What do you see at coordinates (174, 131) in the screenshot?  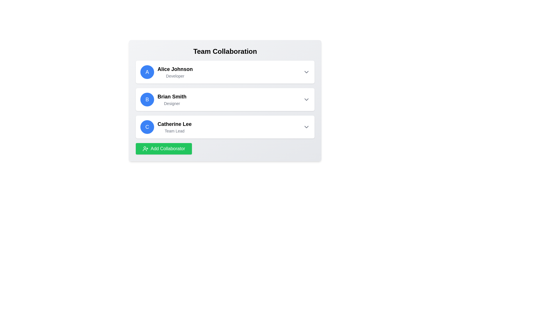 I see `the 'Team Lead' text label that is located beneath the name 'Catherine Lee' in the third user profile card` at bounding box center [174, 131].